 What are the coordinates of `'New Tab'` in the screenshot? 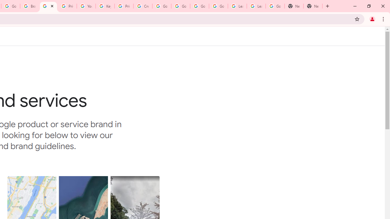 It's located at (294, 6).